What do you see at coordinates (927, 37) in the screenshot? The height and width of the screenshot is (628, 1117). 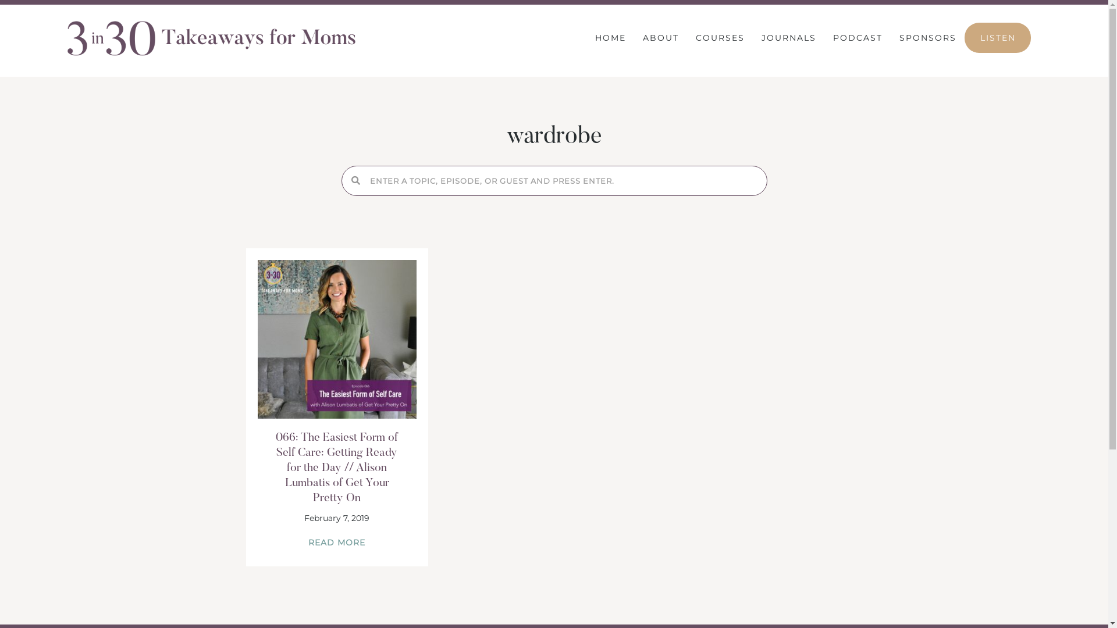 I see `'SPONSORS'` at bounding box center [927, 37].